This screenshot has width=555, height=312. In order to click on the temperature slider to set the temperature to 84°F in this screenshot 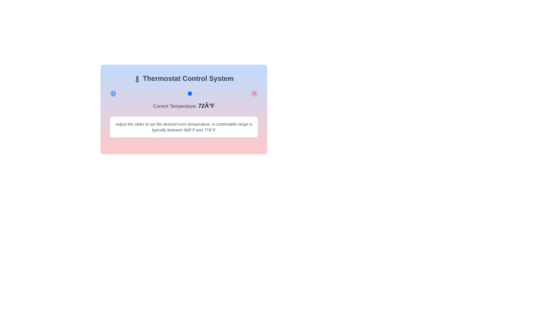, I will do `click(227, 93)`.